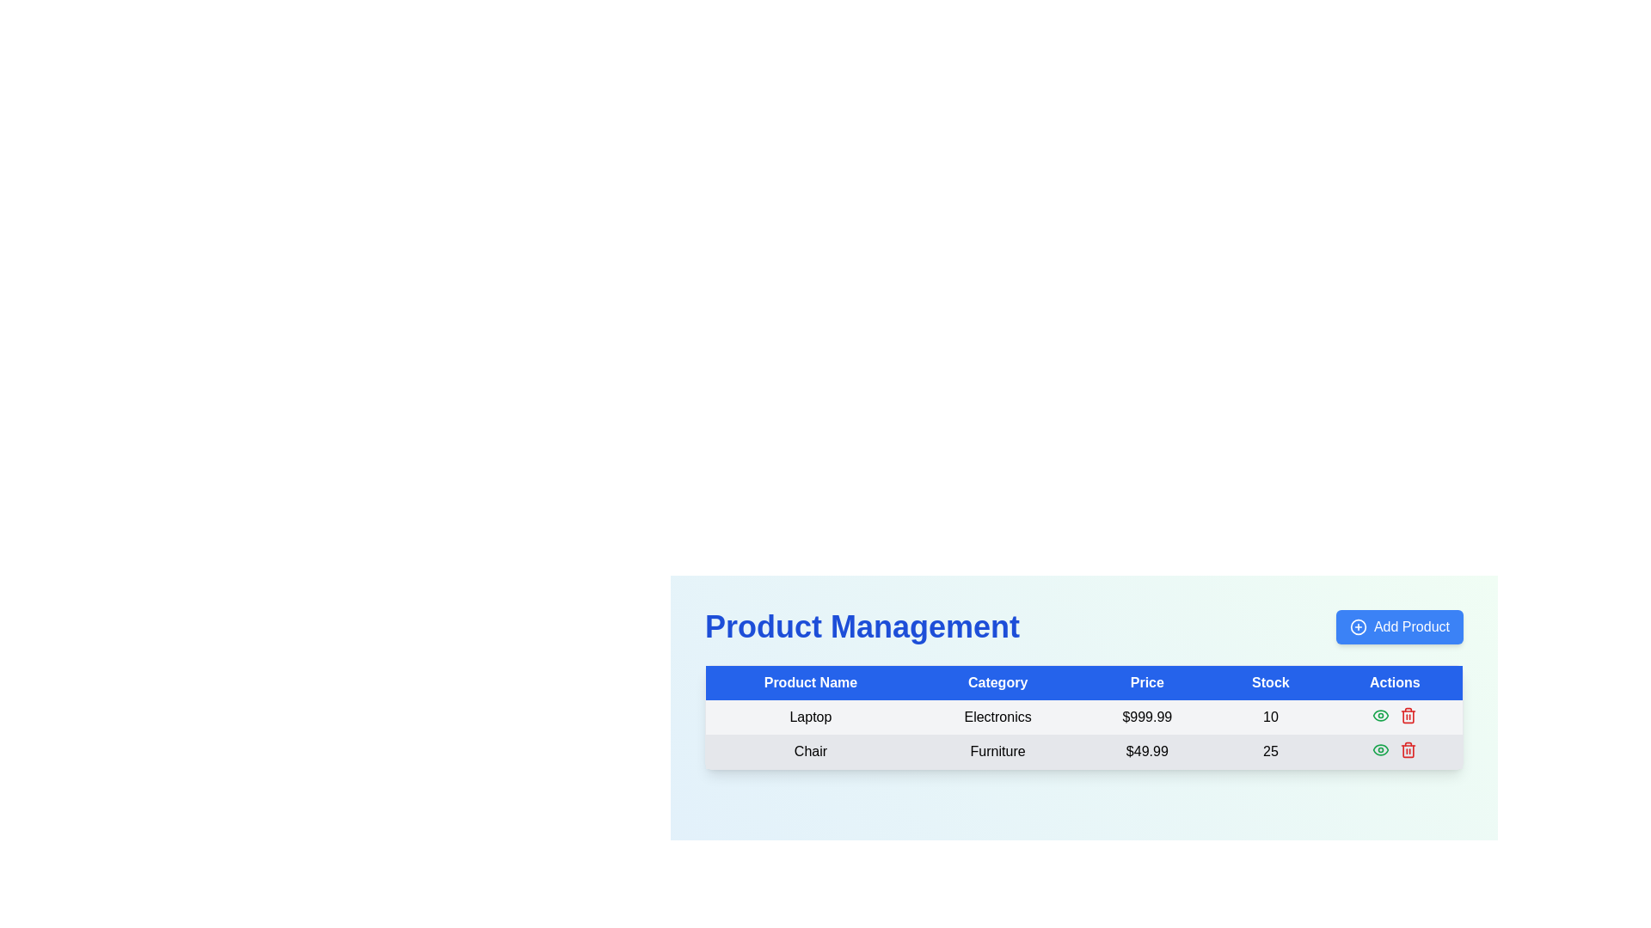  I want to click on the 'Laptop' text label in the 'Product Name' column of the product management table, so click(809, 717).